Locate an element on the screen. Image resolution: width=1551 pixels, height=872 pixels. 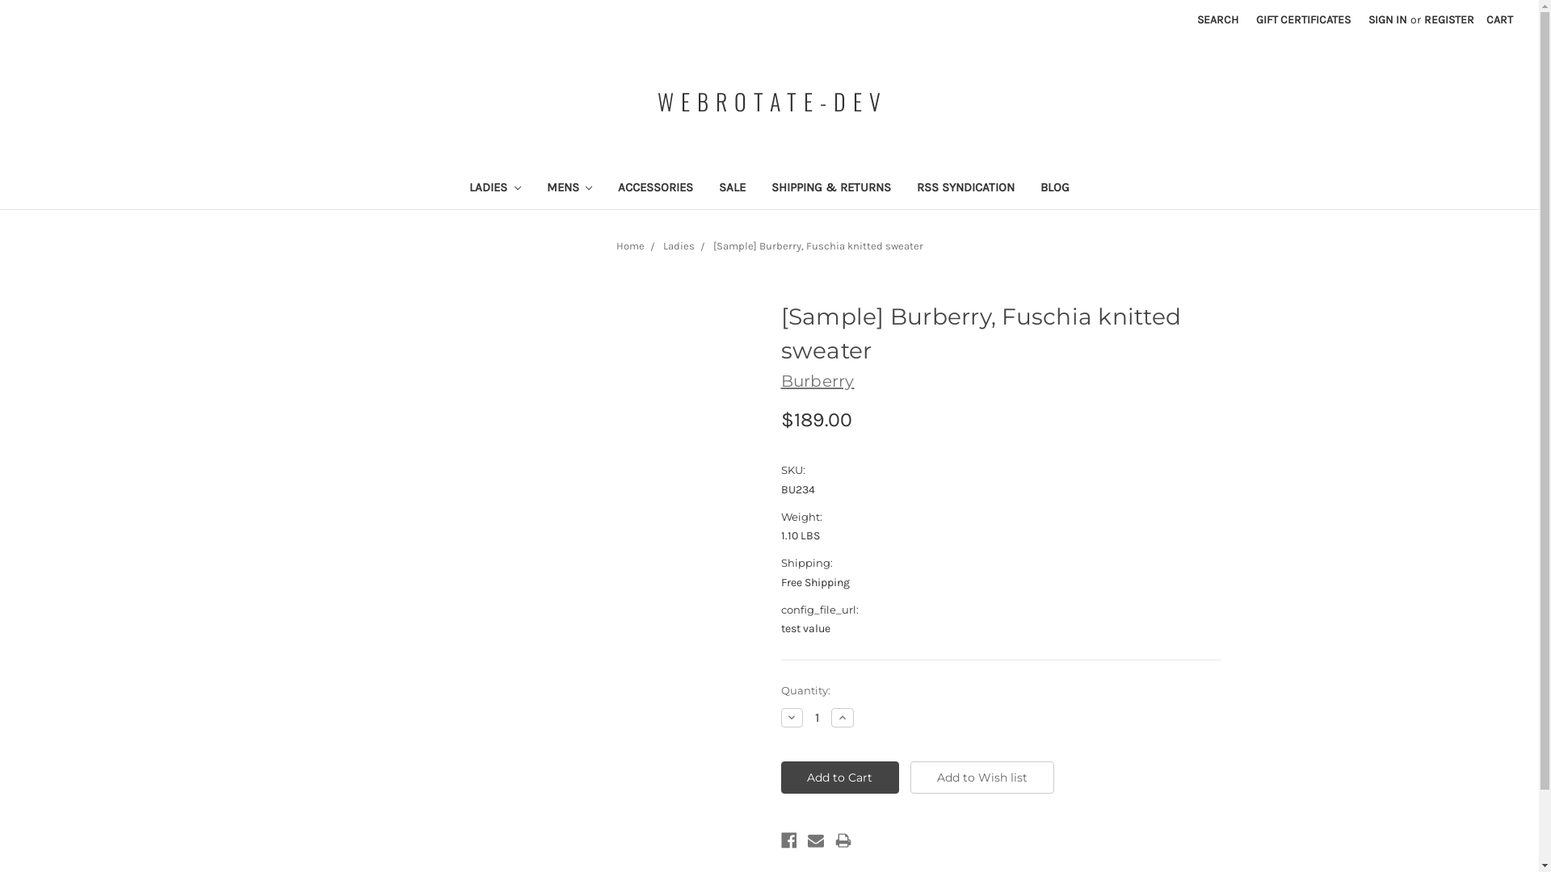
'SHIPPING & RETURNS' is located at coordinates (830, 188).